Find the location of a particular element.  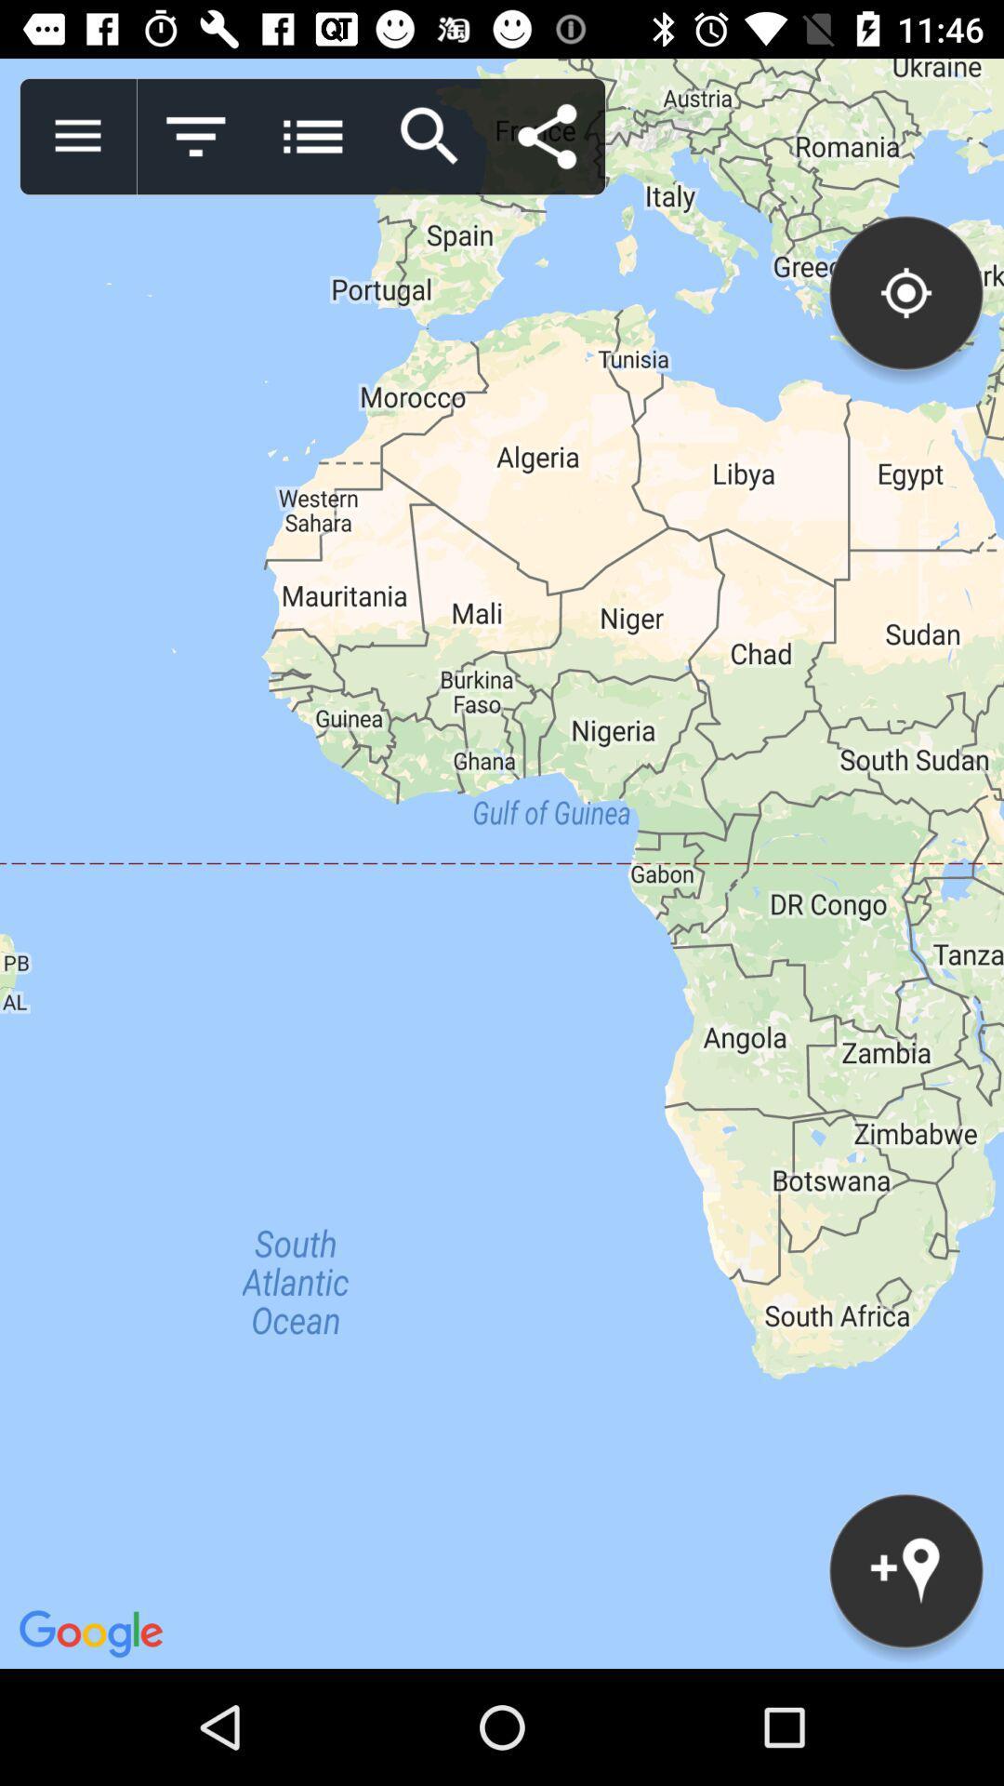

share location is located at coordinates (546, 136).